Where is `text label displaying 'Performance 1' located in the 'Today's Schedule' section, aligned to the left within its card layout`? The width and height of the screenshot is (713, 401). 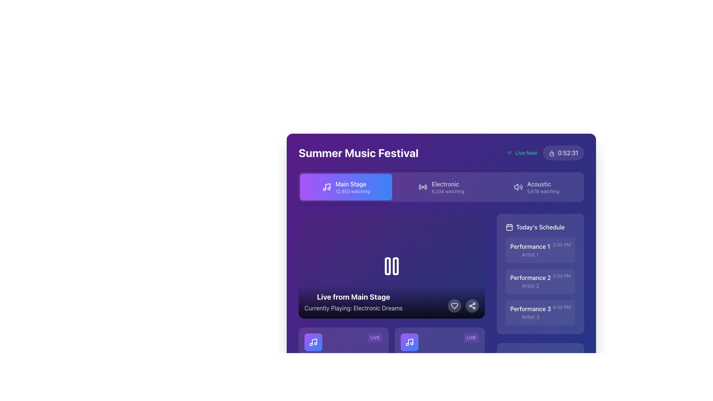
text label displaying 'Performance 1' located in the 'Today's Schedule' section, aligned to the left within its card layout is located at coordinates (530, 246).